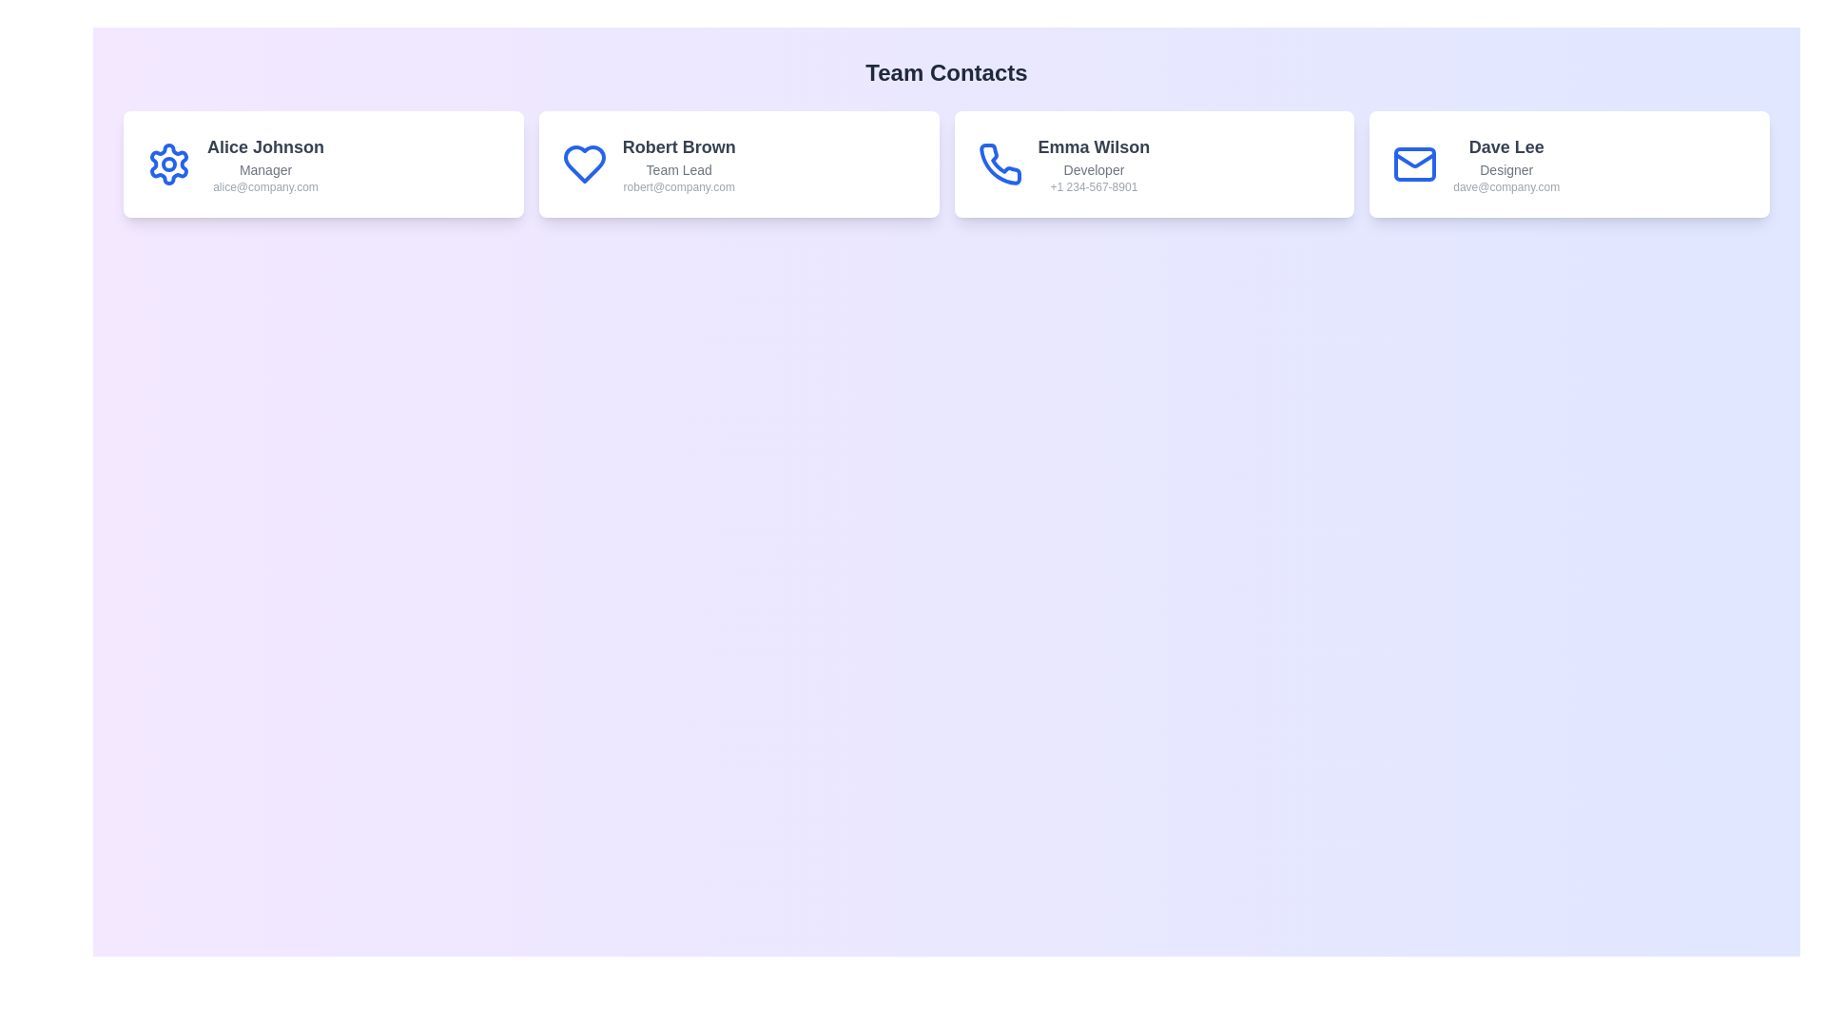  Describe the element at coordinates (264, 186) in the screenshot. I see `the text label displaying Alice Johnson's email address located at the bottom of the user information card` at that location.